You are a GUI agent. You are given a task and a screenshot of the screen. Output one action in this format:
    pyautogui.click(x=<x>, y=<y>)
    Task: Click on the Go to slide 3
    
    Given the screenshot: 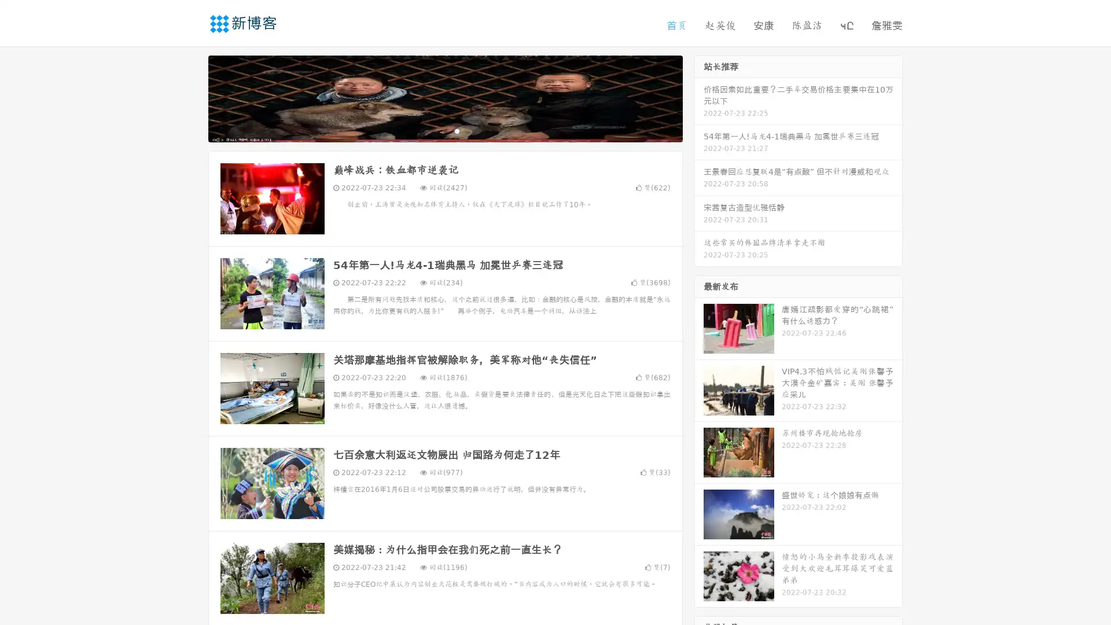 What is the action you would take?
    pyautogui.click(x=457, y=130)
    